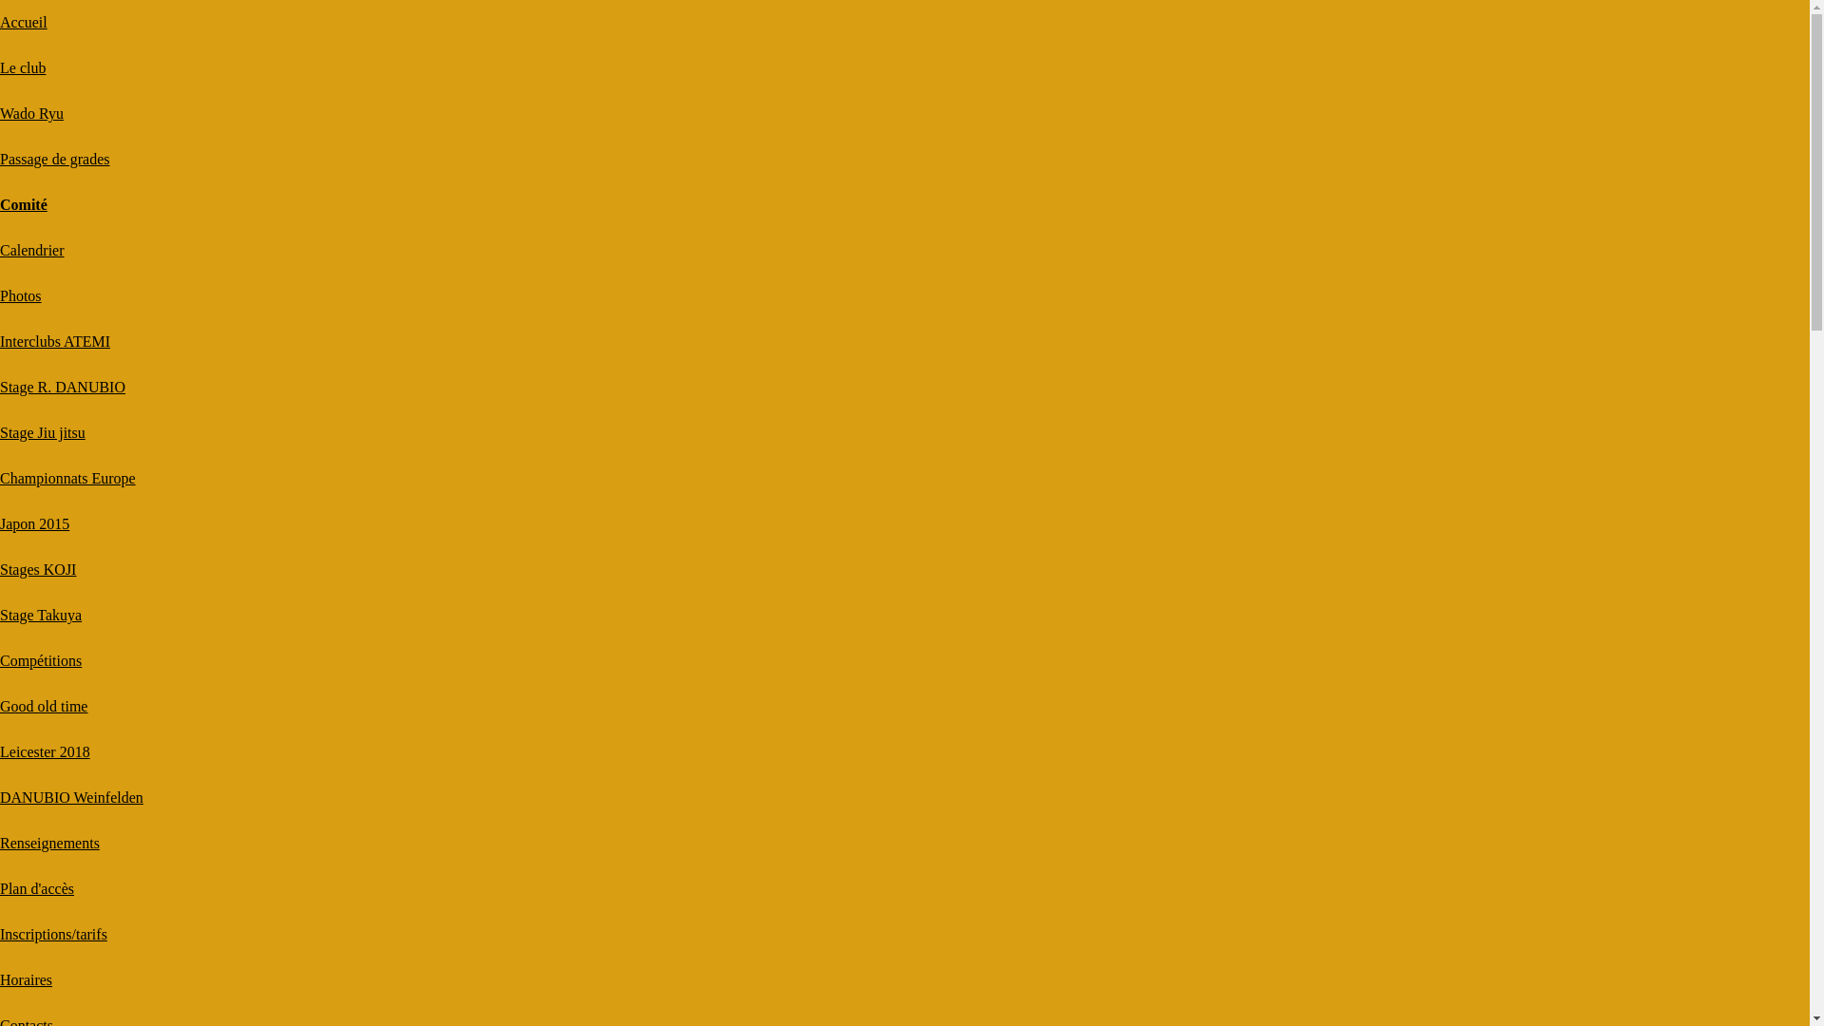 This screenshot has width=1824, height=1026. I want to click on 'Renseignements', so click(49, 842).